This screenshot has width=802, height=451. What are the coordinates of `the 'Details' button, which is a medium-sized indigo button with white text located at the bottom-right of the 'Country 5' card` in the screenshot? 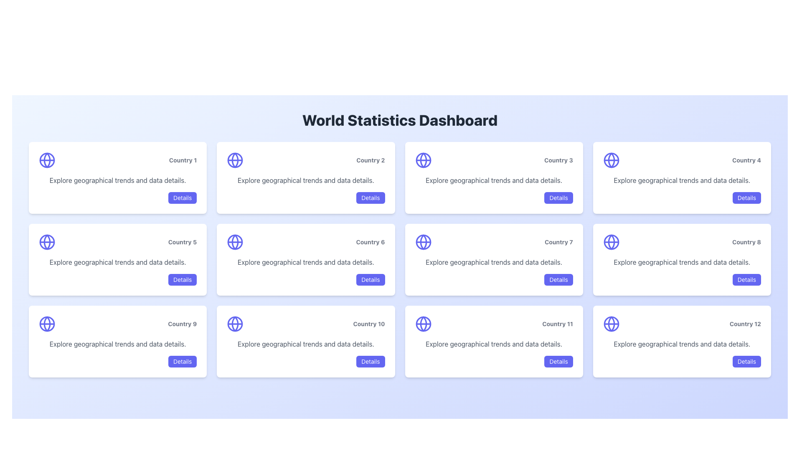 It's located at (182, 280).